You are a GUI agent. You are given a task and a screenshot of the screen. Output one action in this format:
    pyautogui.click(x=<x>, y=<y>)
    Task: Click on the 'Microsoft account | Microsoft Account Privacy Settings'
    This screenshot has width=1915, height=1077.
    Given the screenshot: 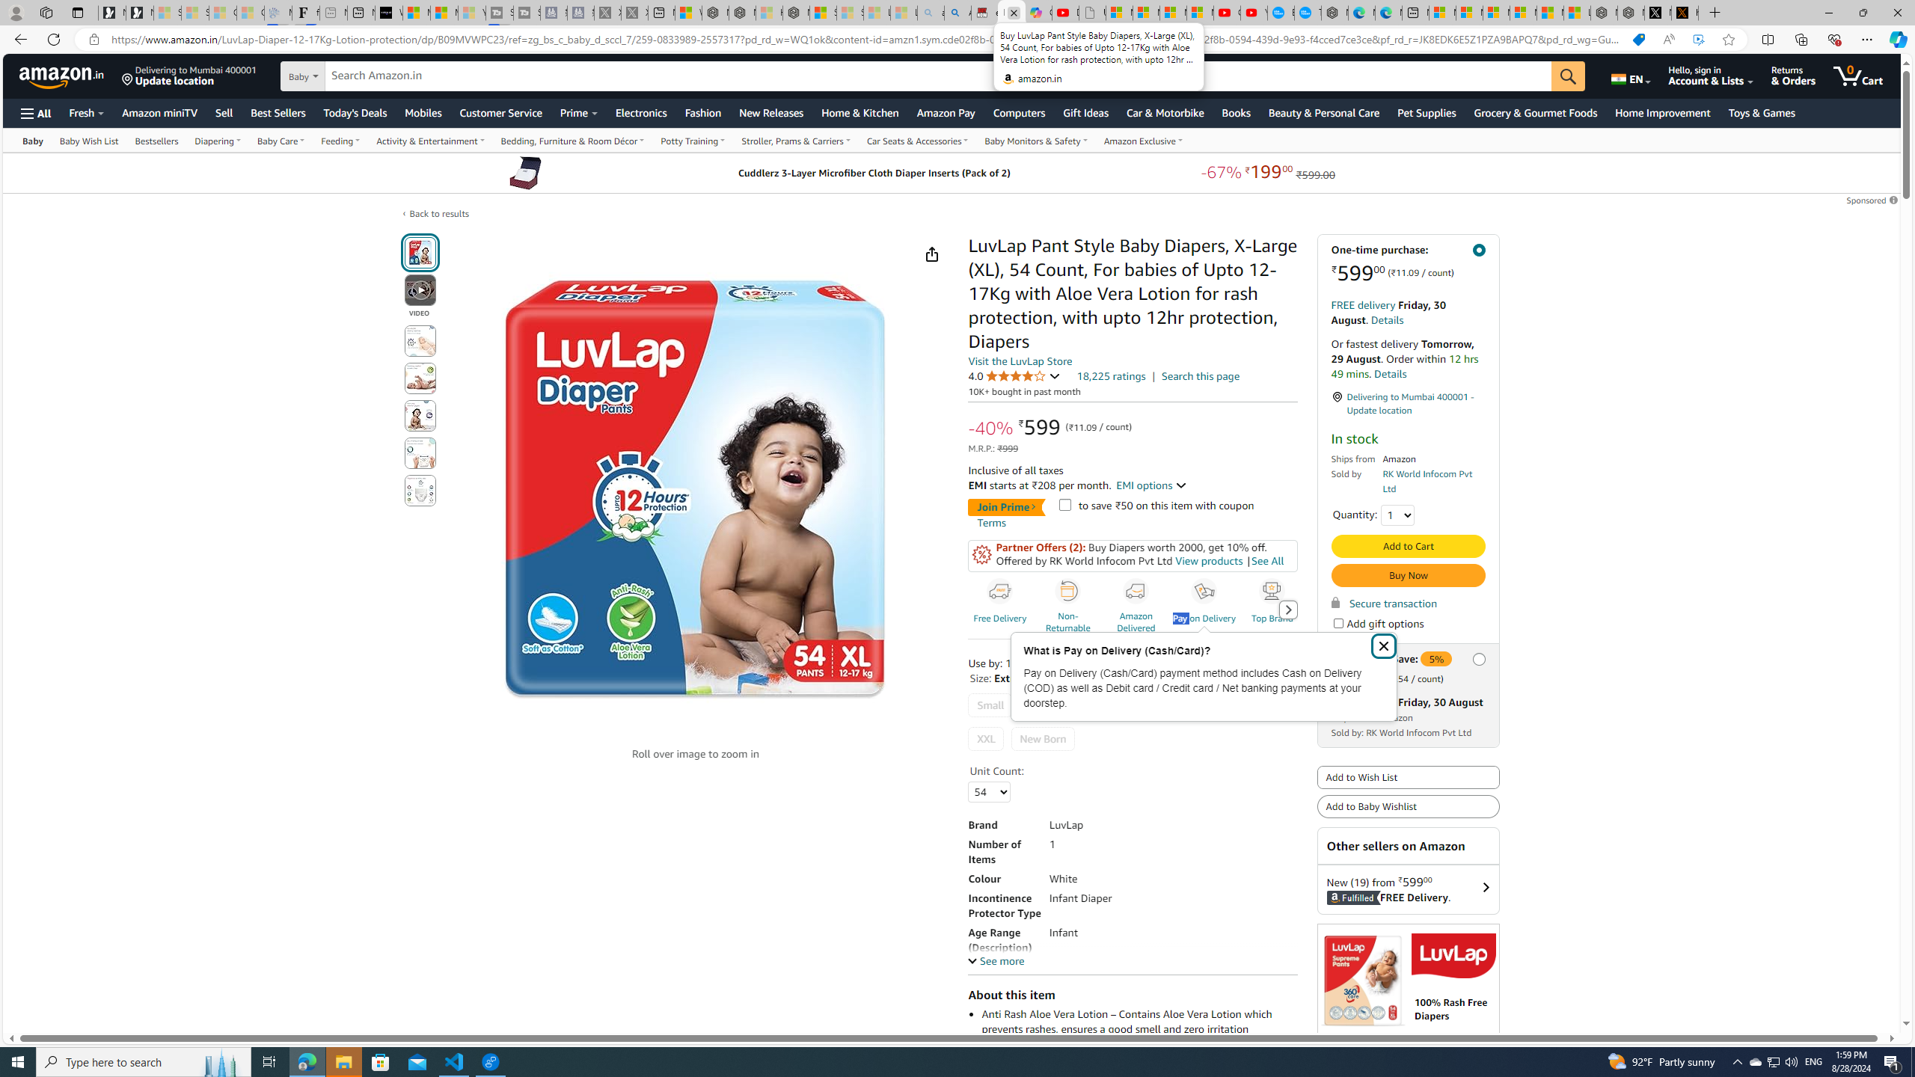 What is the action you would take?
    pyautogui.click(x=1469, y=12)
    